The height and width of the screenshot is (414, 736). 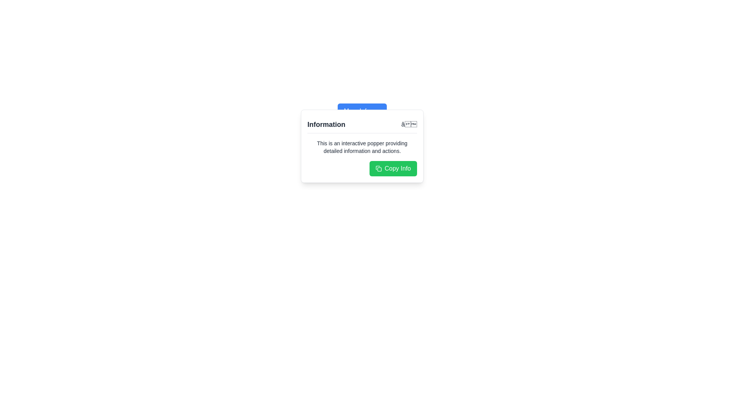 I want to click on the button located at the bottom-right corner of the dialog box to copy the information displayed in the pop-up dialog to the clipboard, so click(x=362, y=168).